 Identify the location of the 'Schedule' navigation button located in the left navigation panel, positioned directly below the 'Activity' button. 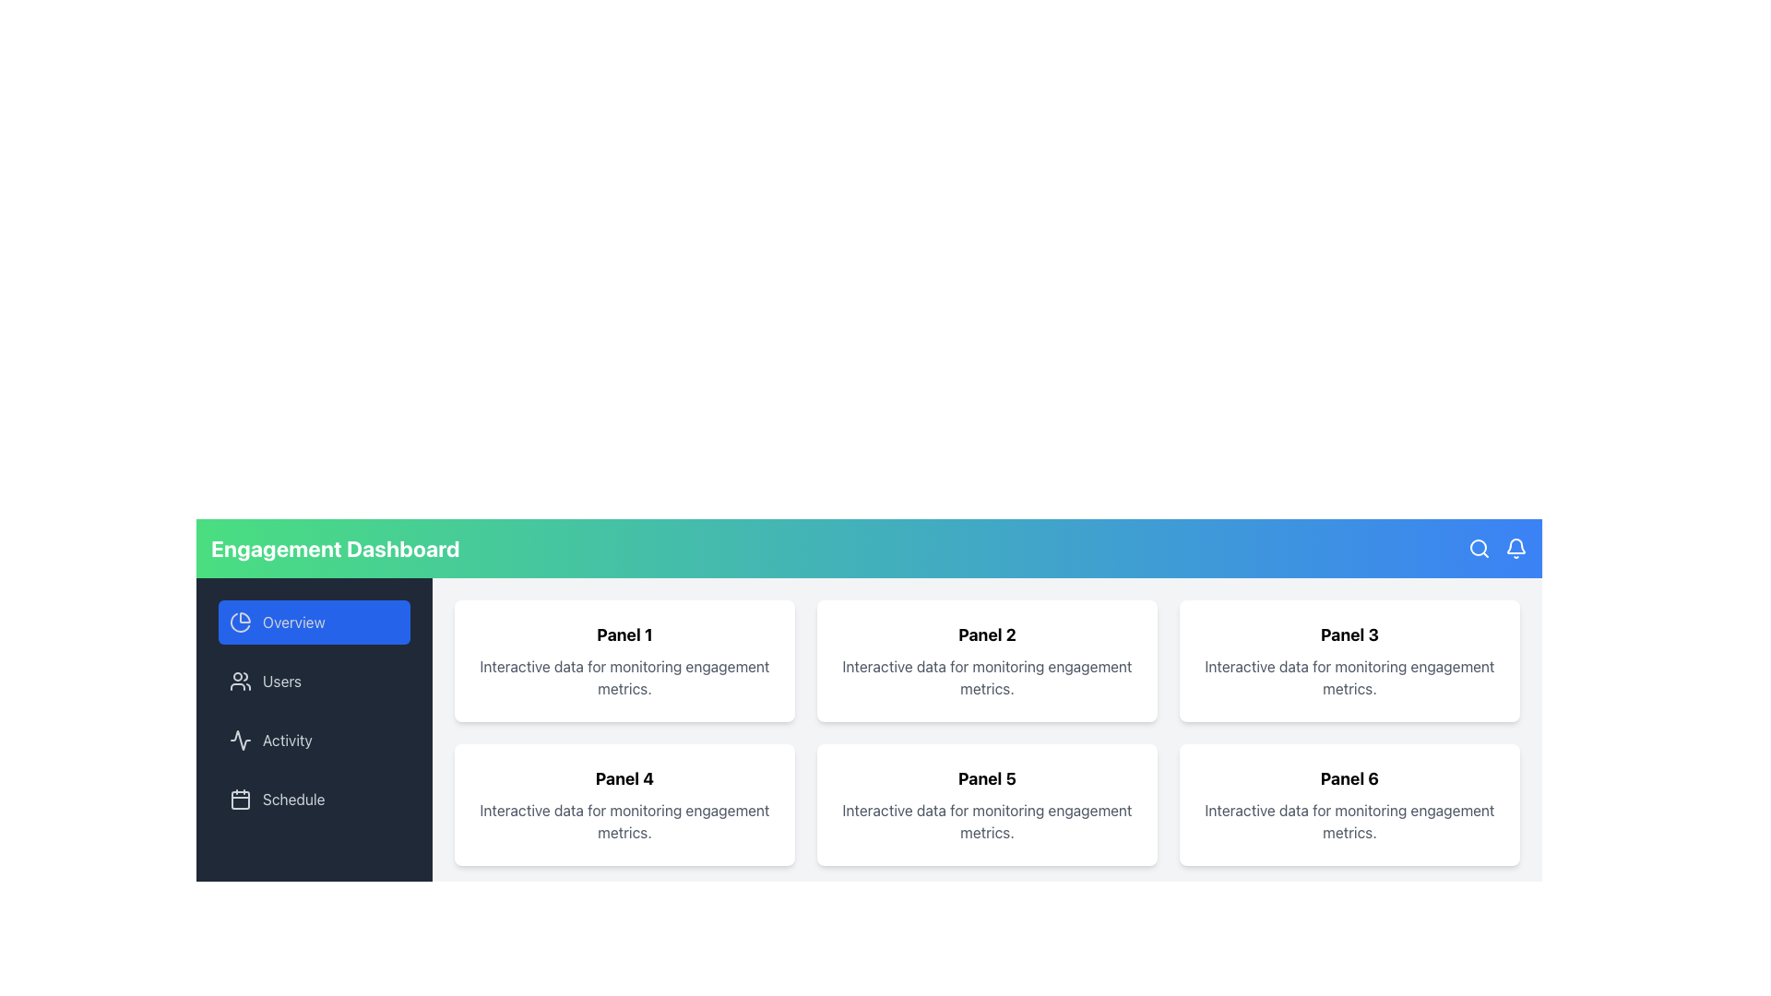
(314, 799).